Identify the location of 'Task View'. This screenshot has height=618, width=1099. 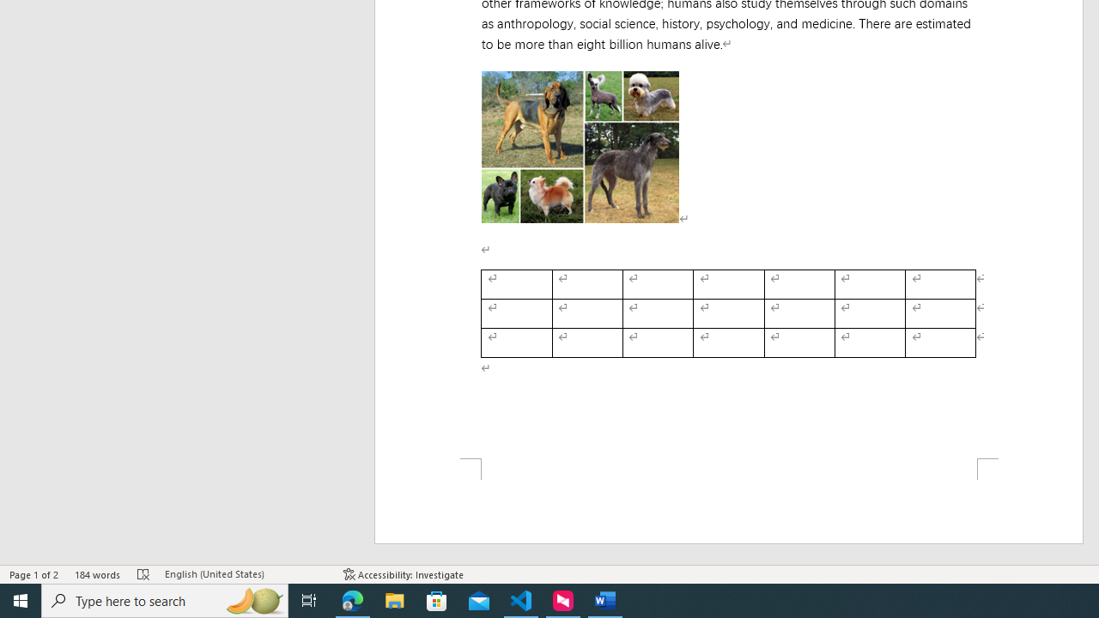
(308, 599).